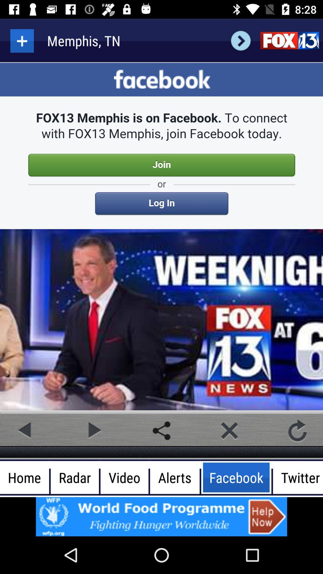 Image resolution: width=323 pixels, height=574 pixels. Describe the element at coordinates (161, 430) in the screenshot. I see `share this` at that location.